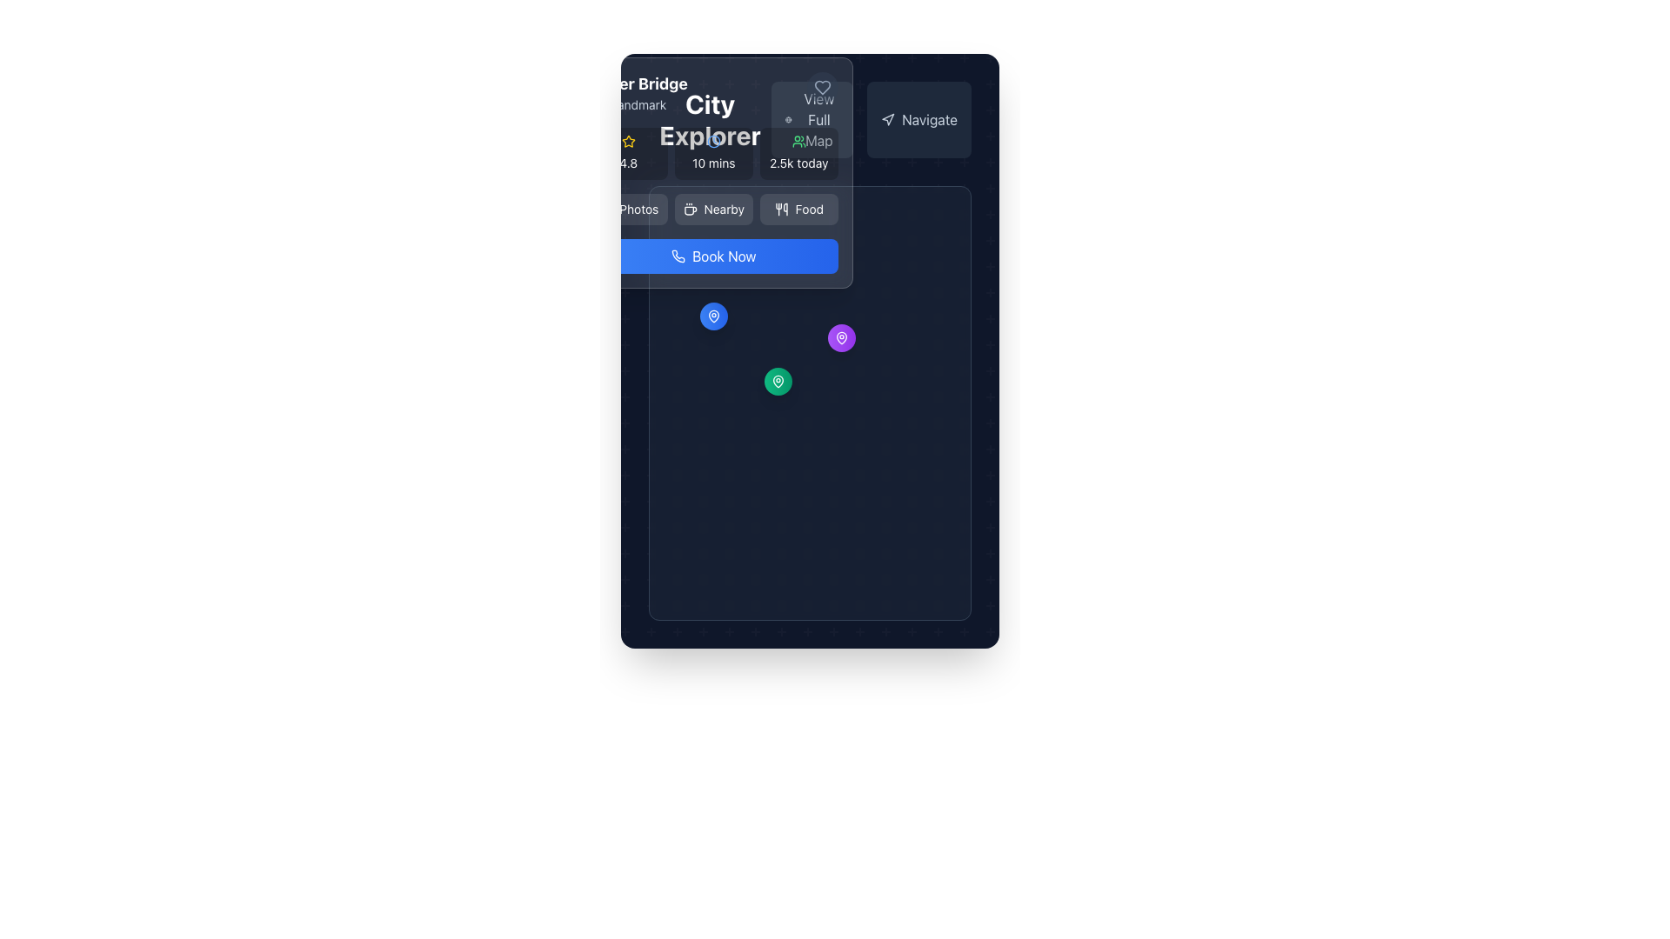 This screenshot has height=939, width=1670. What do you see at coordinates (710, 119) in the screenshot?
I see `the text label indicating the current view or feature within the application, located near the top left side of the interface` at bounding box center [710, 119].